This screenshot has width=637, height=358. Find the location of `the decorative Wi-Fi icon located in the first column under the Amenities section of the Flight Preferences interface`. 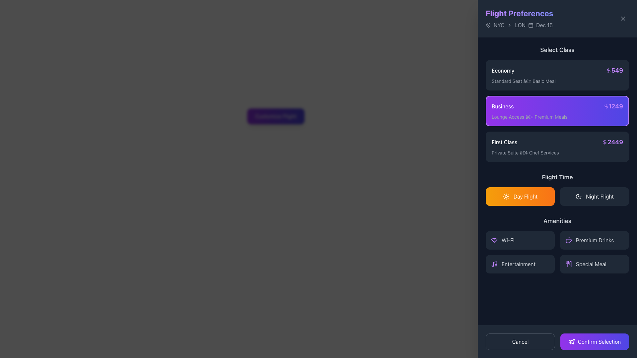

the decorative Wi-Fi icon located in the first column under the Amenities section of the Flight Preferences interface is located at coordinates (494, 240).